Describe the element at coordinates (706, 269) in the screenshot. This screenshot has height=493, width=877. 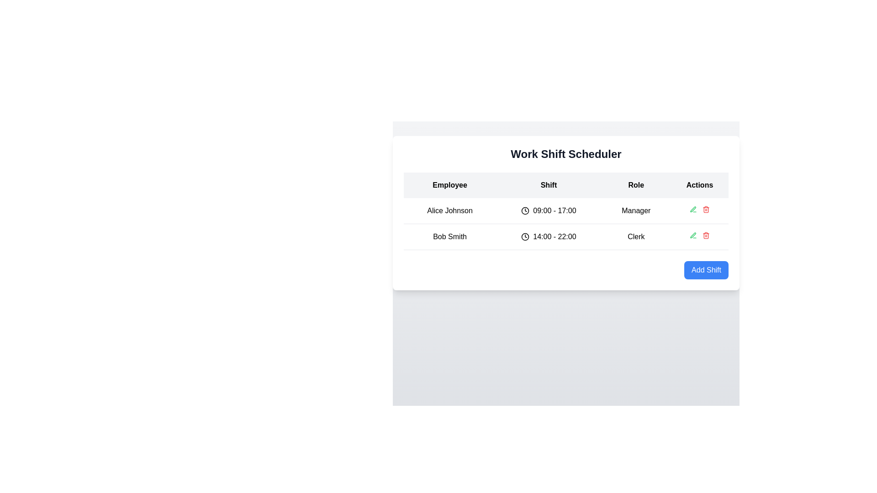
I see `the button that allows users to add a new shift to the schedule, located at the bottom-right corner of the 'Work Shift Scheduler' card` at that location.